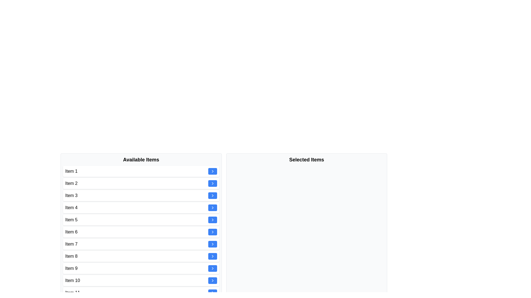  I want to click on the right-facing chevron icon with a blue background located in the 'Available Items' column, adjacent to 'Item 11', to observe hover effects, so click(212, 183).